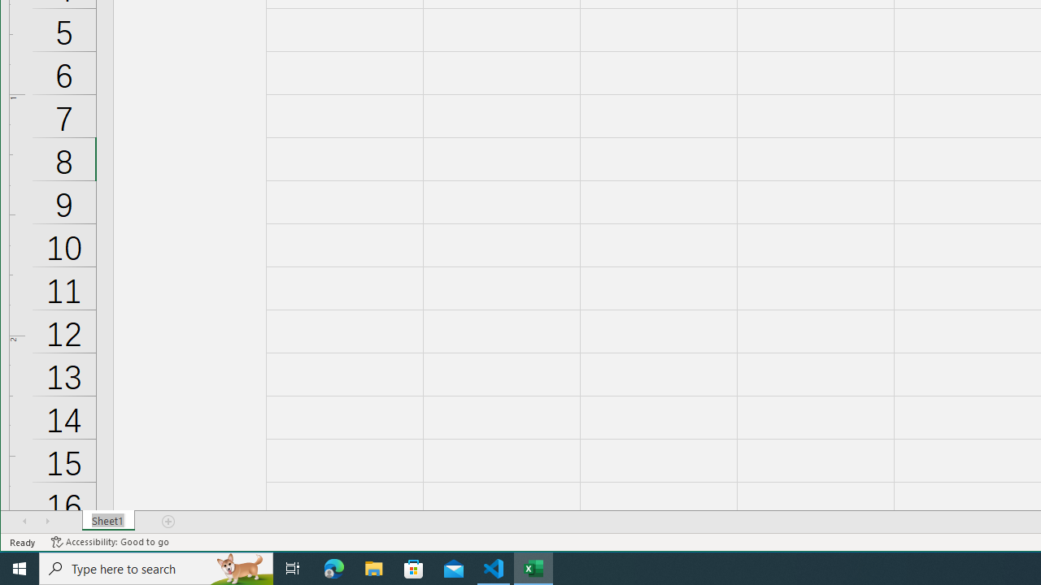 The width and height of the screenshot is (1041, 585). What do you see at coordinates (333, 567) in the screenshot?
I see `'Microsoft Edge'` at bounding box center [333, 567].